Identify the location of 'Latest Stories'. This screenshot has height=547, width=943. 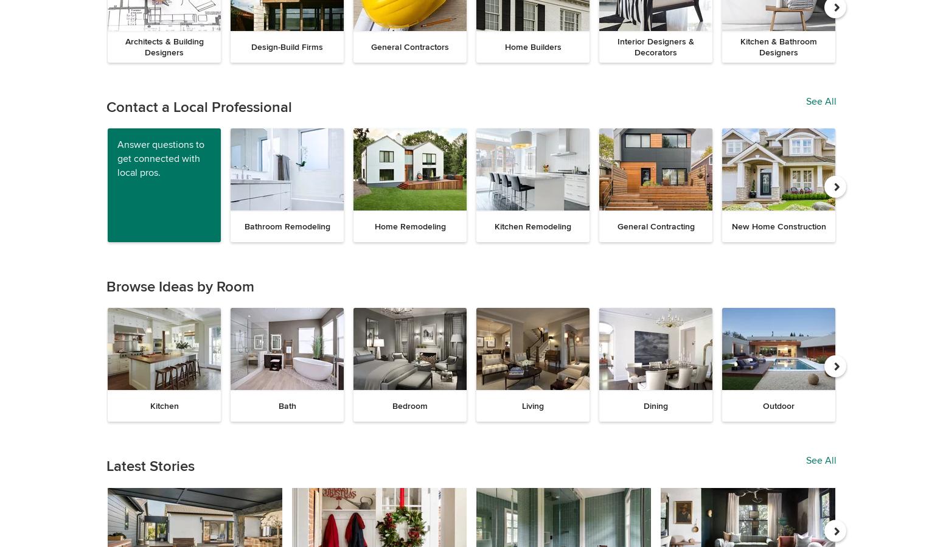
(150, 466).